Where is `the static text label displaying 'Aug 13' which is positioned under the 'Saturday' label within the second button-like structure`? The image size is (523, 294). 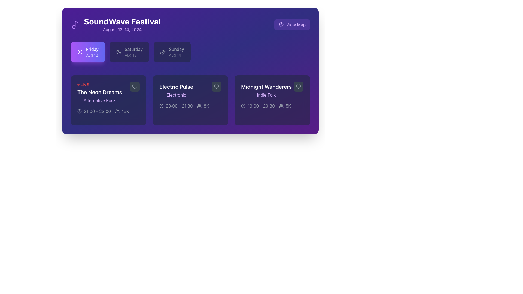 the static text label displaying 'Aug 13' which is positioned under the 'Saturday' label within the second button-like structure is located at coordinates (133, 55).